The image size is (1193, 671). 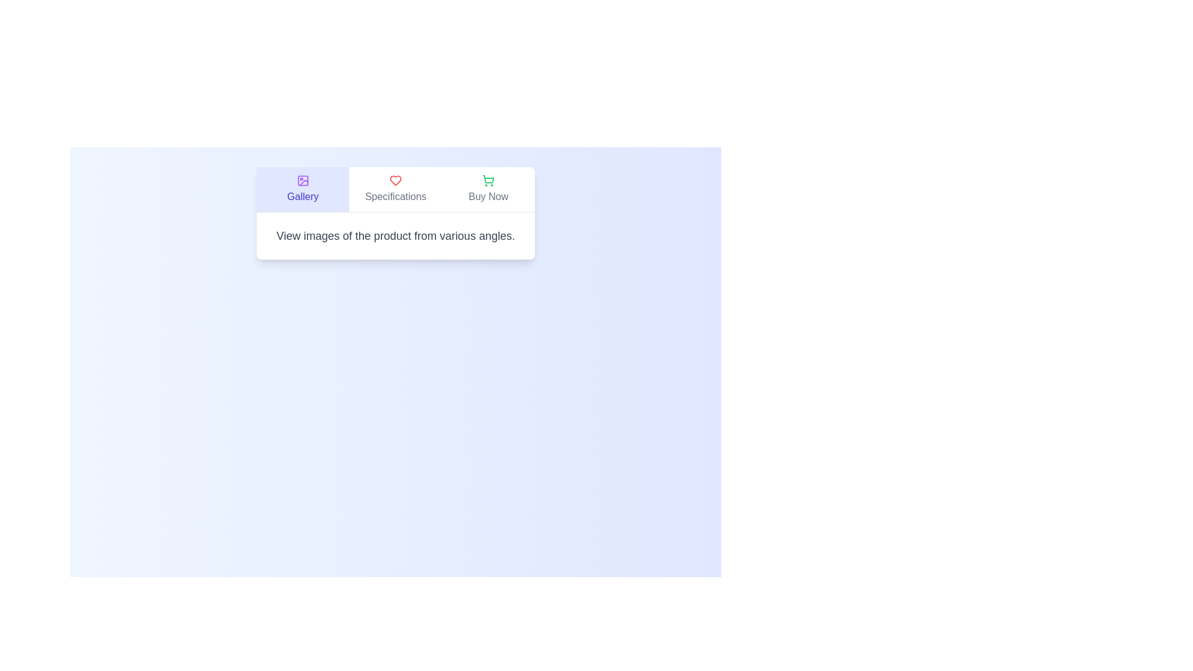 I want to click on the icon of the Buy Now tab, so click(x=488, y=180).